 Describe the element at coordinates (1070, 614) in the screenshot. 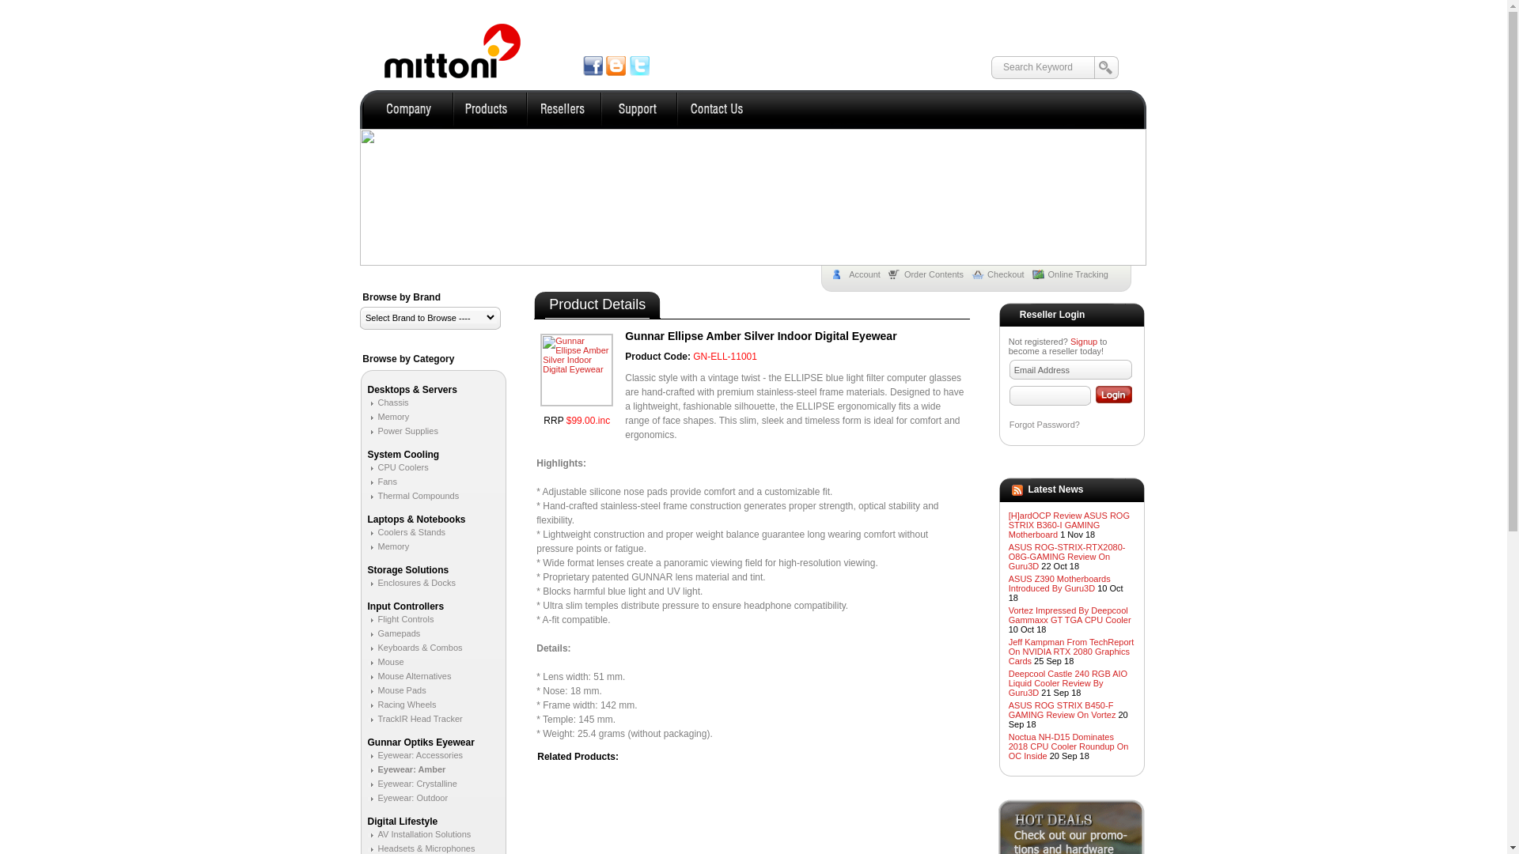

I see `'Vortez Impressed By Deepcool Gammaxx GT TGA CPU Cooler'` at that location.